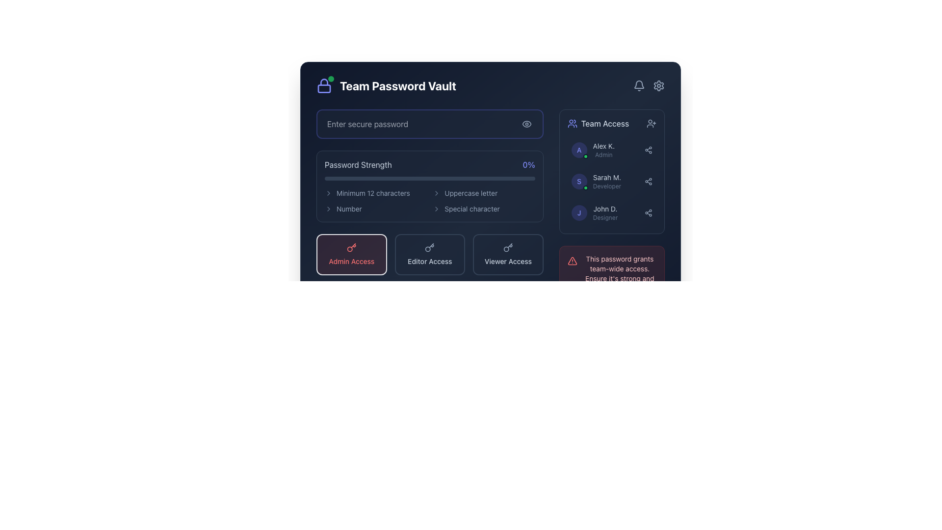 This screenshot has height=530, width=942. Describe the element at coordinates (329, 208) in the screenshot. I see `the right-pointing chevron icon indicating an expandable list within the feedback group for password conditions labeled 'Number'` at that location.